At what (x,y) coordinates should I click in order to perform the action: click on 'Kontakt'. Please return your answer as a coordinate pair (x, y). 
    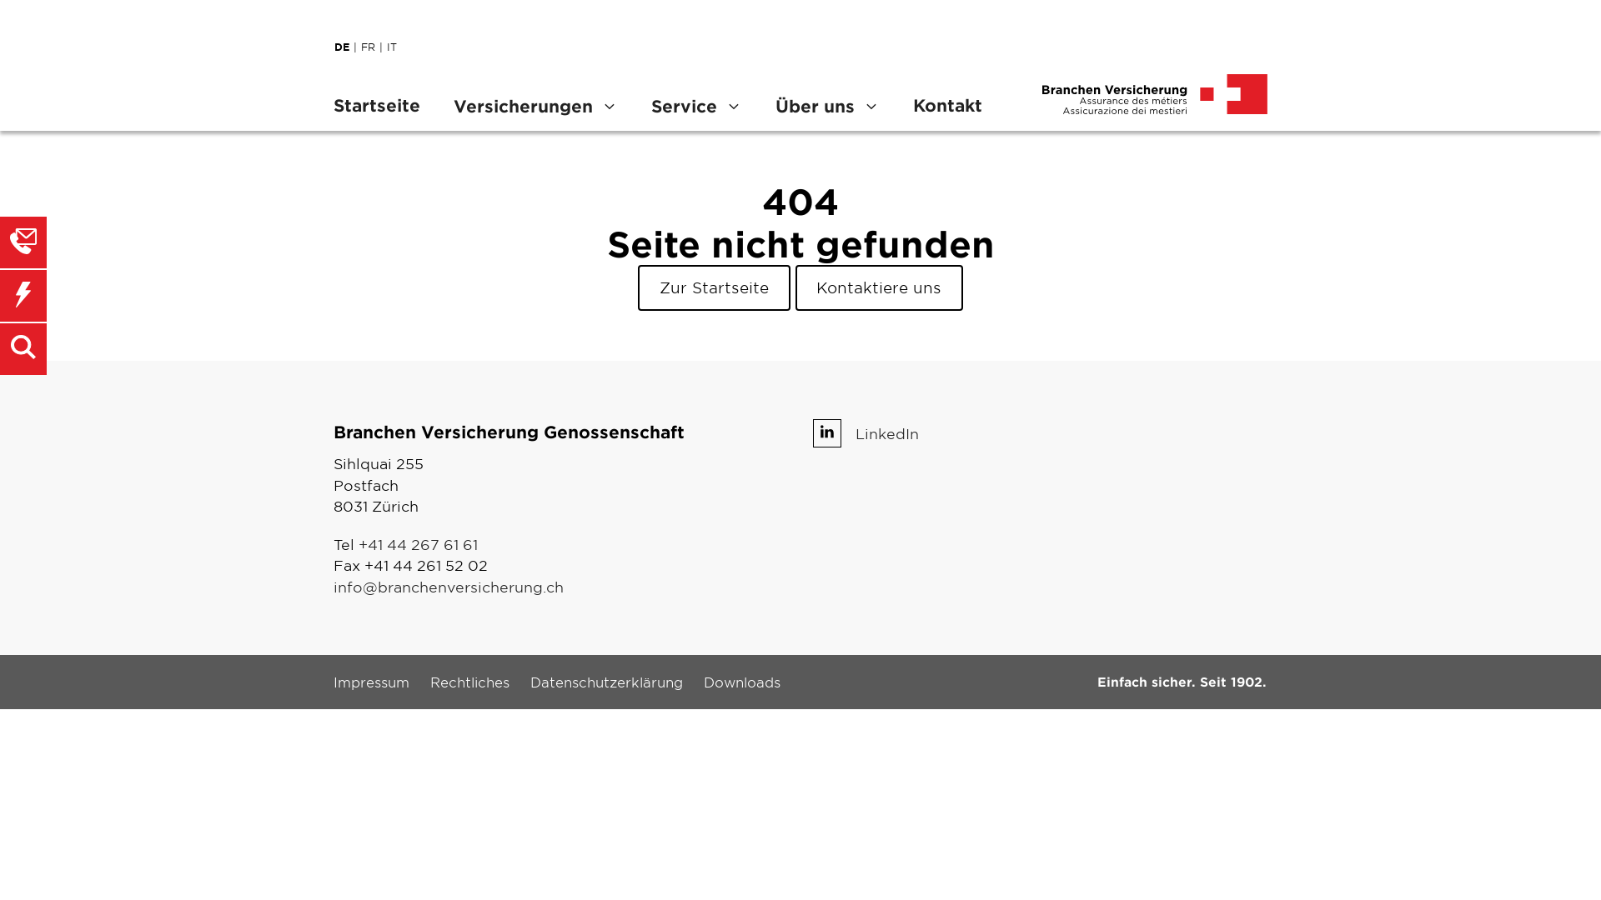
    Looking at the image, I should click on (947, 105).